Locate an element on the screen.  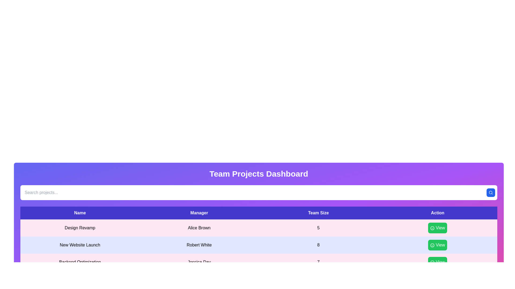
the button located in the second row of the 'Action' column within a table-like structure is located at coordinates (437, 245).